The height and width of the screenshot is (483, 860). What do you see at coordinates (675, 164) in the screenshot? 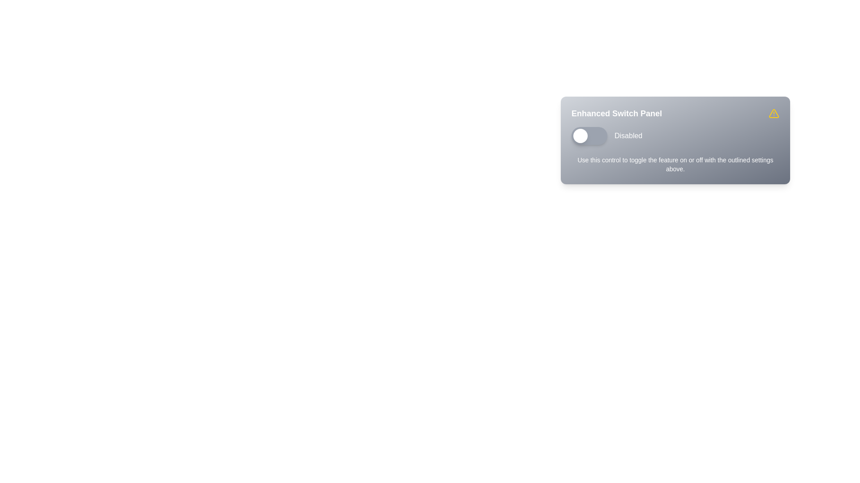
I see `the static text that provides guidance for the toggle switch, located centrally below the switch and label in the Enhanced Switch Panel interface` at bounding box center [675, 164].